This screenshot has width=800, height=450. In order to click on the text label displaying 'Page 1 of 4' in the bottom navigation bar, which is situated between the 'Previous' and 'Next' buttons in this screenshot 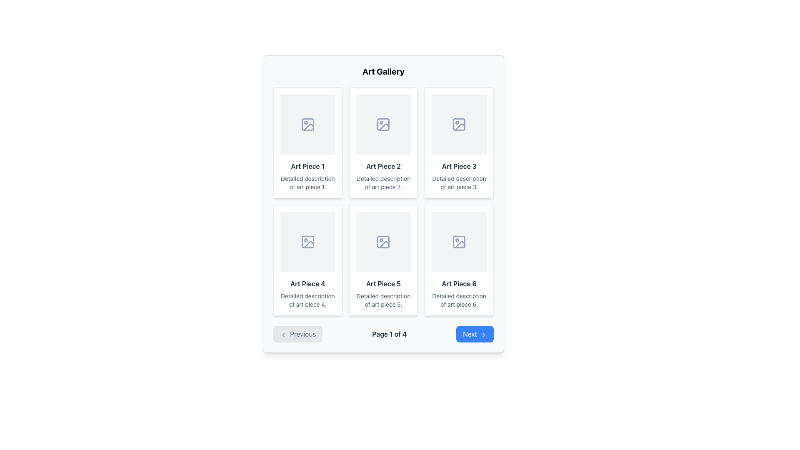, I will do `click(389, 334)`.